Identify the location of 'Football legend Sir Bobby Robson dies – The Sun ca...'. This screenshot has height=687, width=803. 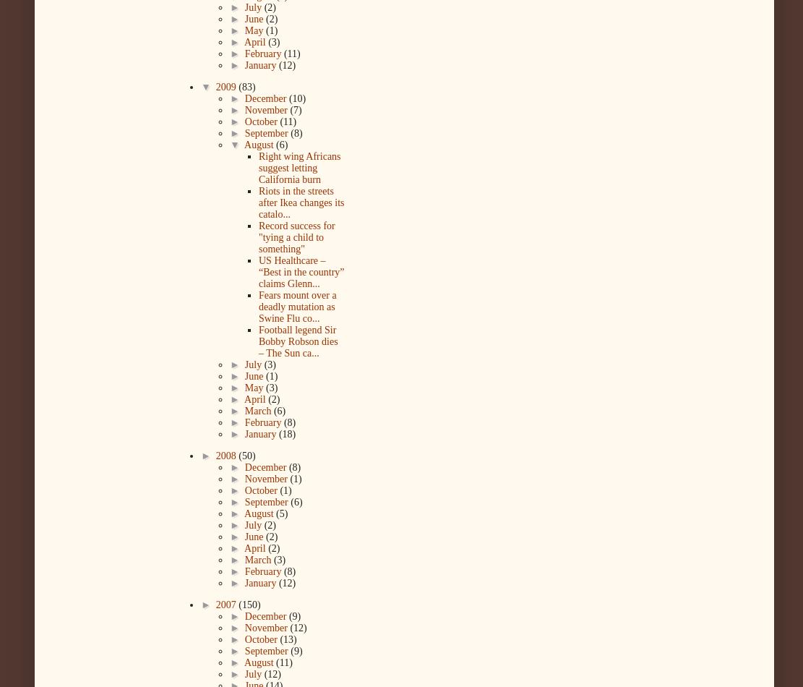
(257, 341).